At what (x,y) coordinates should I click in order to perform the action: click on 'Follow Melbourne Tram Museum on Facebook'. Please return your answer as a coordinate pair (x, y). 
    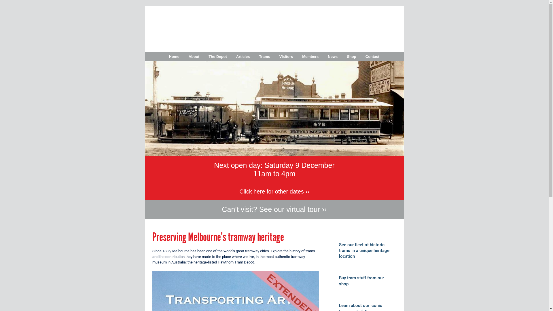
    Looking at the image, I should click on (544, 48).